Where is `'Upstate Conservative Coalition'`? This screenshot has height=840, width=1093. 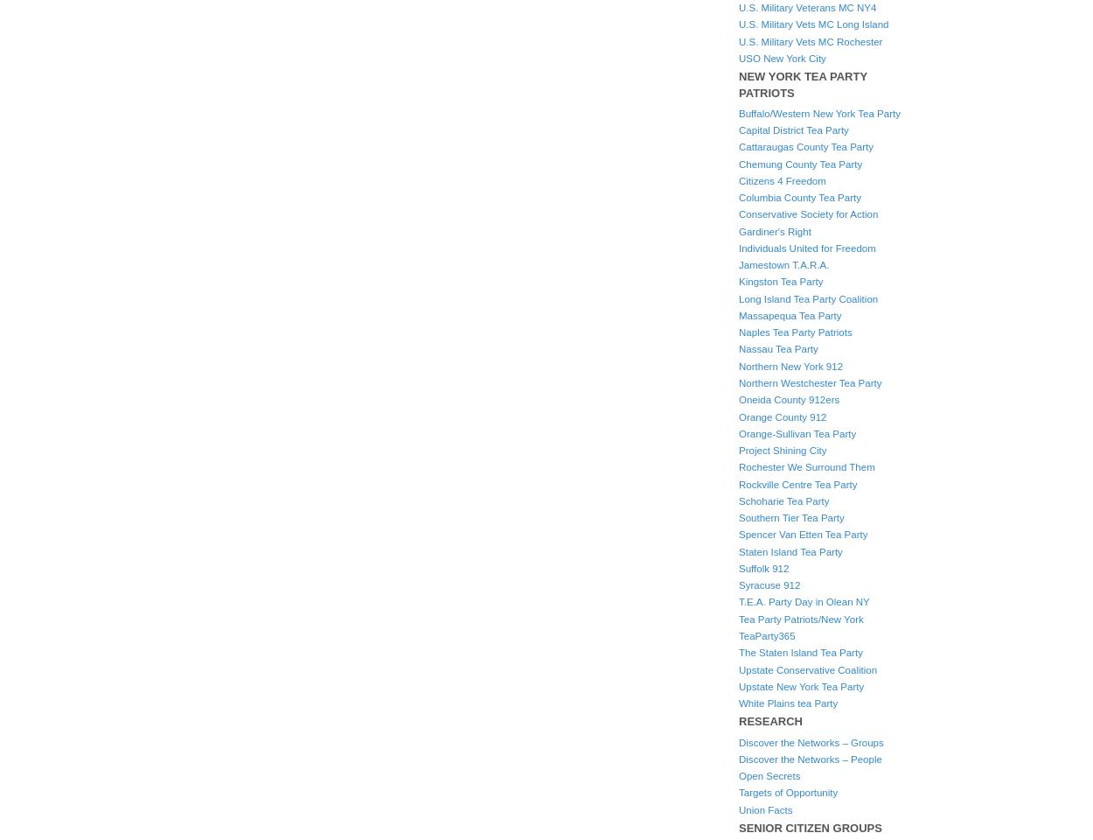 'Upstate Conservative Coalition' is located at coordinates (808, 668).